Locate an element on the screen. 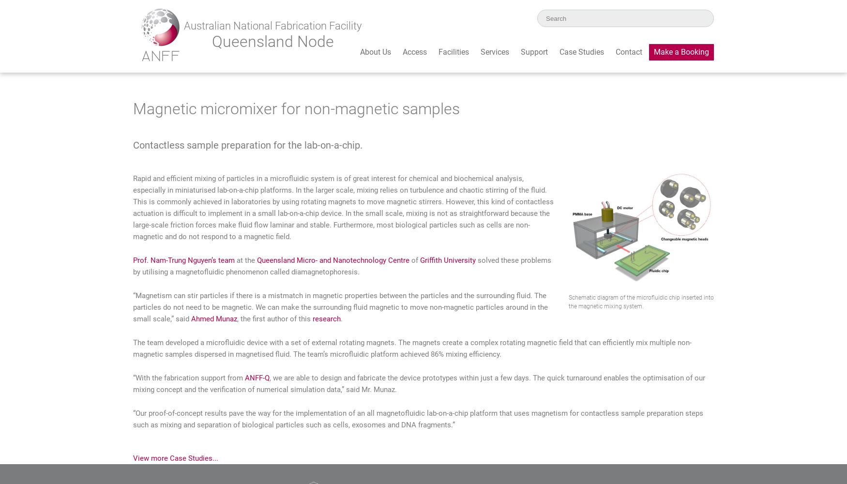 The width and height of the screenshot is (847, 484). 'Rapid and efficient mixing of particles in a microfluidic system is of great interest for chemical and biochemical analysis, especially in miniaturised lab-on-a-chip platforms. In the larger scale, mixing relies on turbulence and chaotic stirring of the fluid. This is commonly achieved in laboratories by using rotating magnets to move magnetic stirrers. However, this kind of contactless actuation is difficult to implement in a small lab-on-a-chip device. In the small scale, mixing is not as straightforward because the large-scale friction forces make fluid flow laminar and stable. Furthermore, most biological particles such as cells are non-magnetic and do not respond to a magnetic field.' is located at coordinates (343, 207).